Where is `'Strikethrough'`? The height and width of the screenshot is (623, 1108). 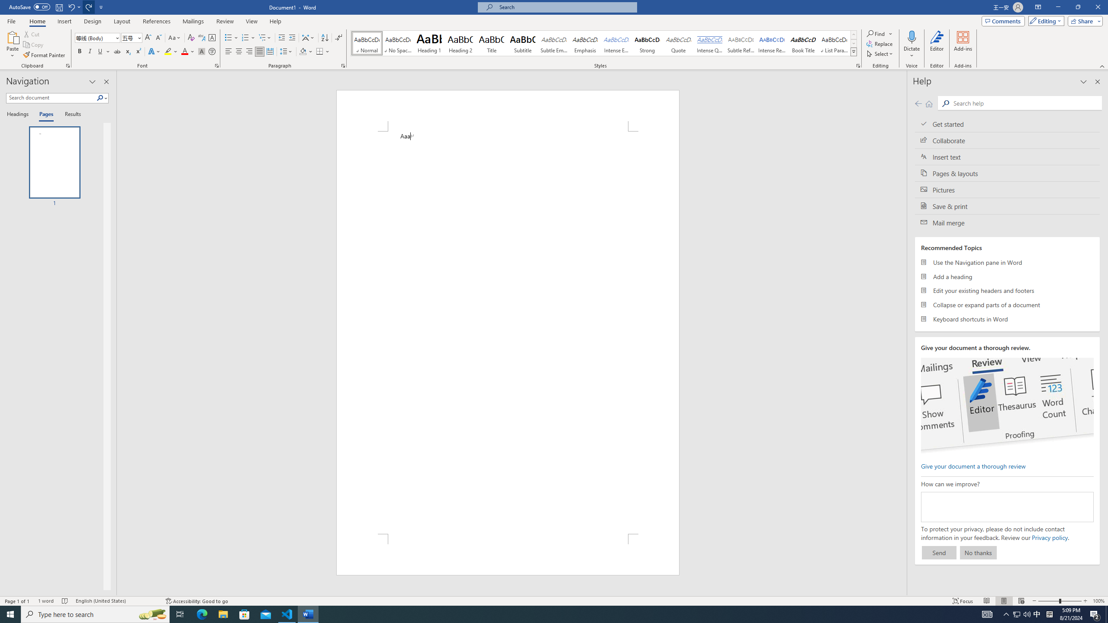
'Strikethrough' is located at coordinates (117, 51).